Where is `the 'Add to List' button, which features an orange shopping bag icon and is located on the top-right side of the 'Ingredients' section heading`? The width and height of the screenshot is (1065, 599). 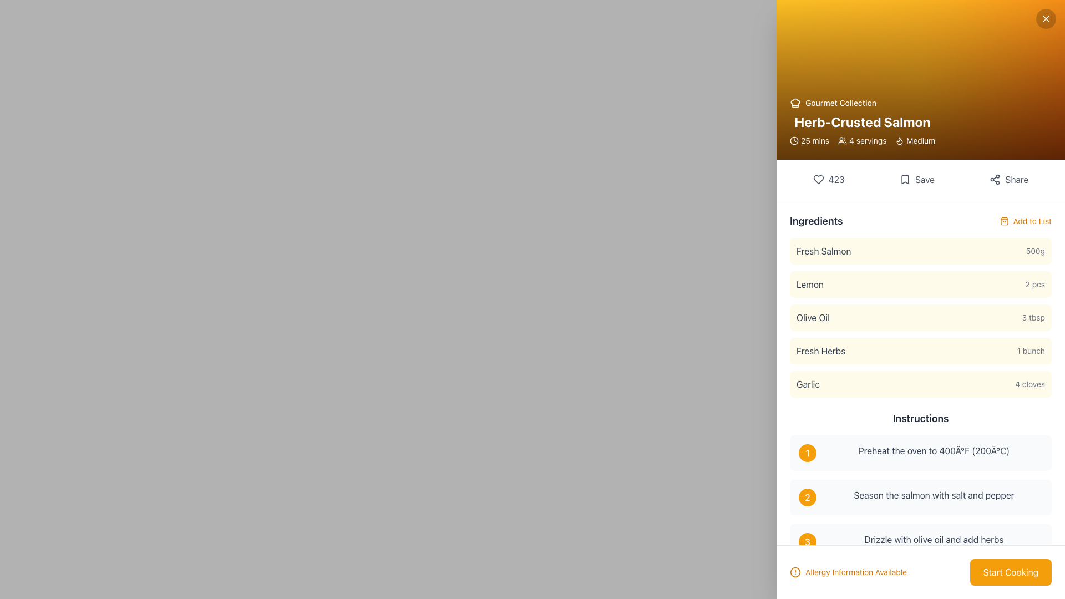 the 'Add to List' button, which features an orange shopping bag icon and is located on the top-right side of the 'Ingredients' section heading is located at coordinates (1025, 221).